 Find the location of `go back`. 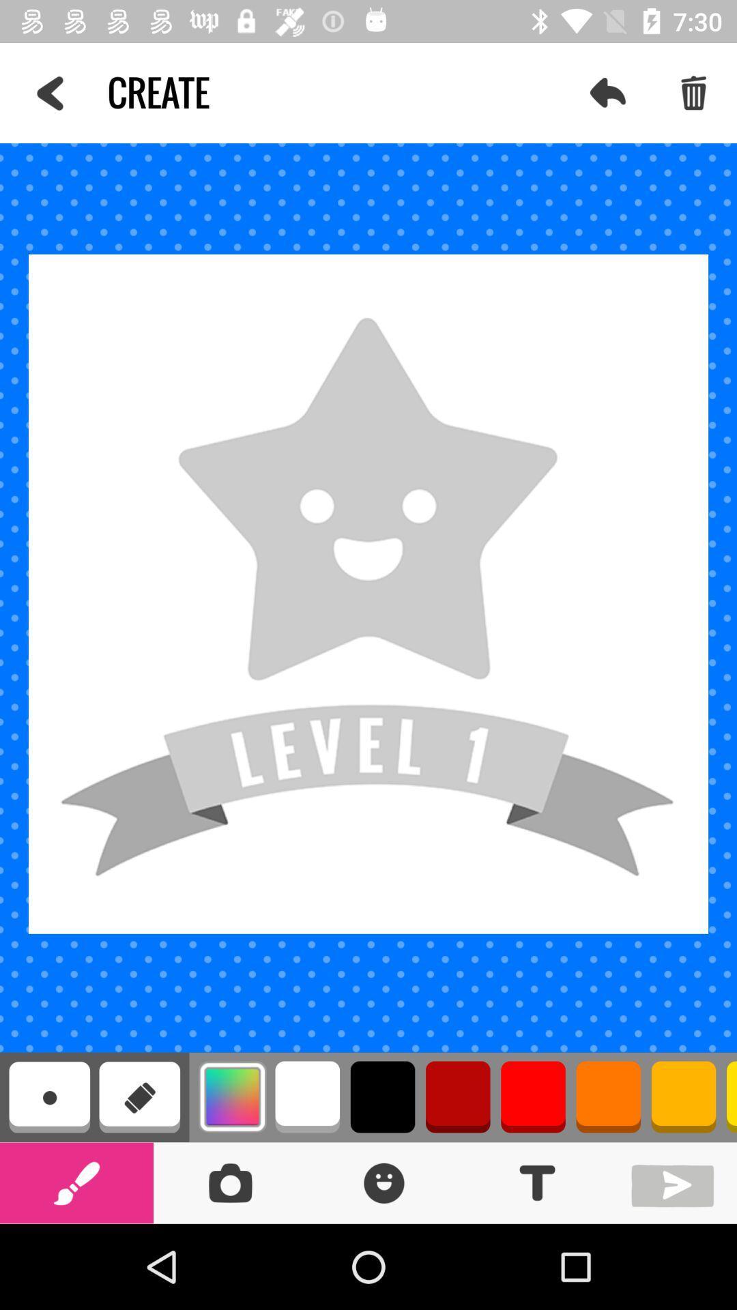

go back is located at coordinates (676, 1182).